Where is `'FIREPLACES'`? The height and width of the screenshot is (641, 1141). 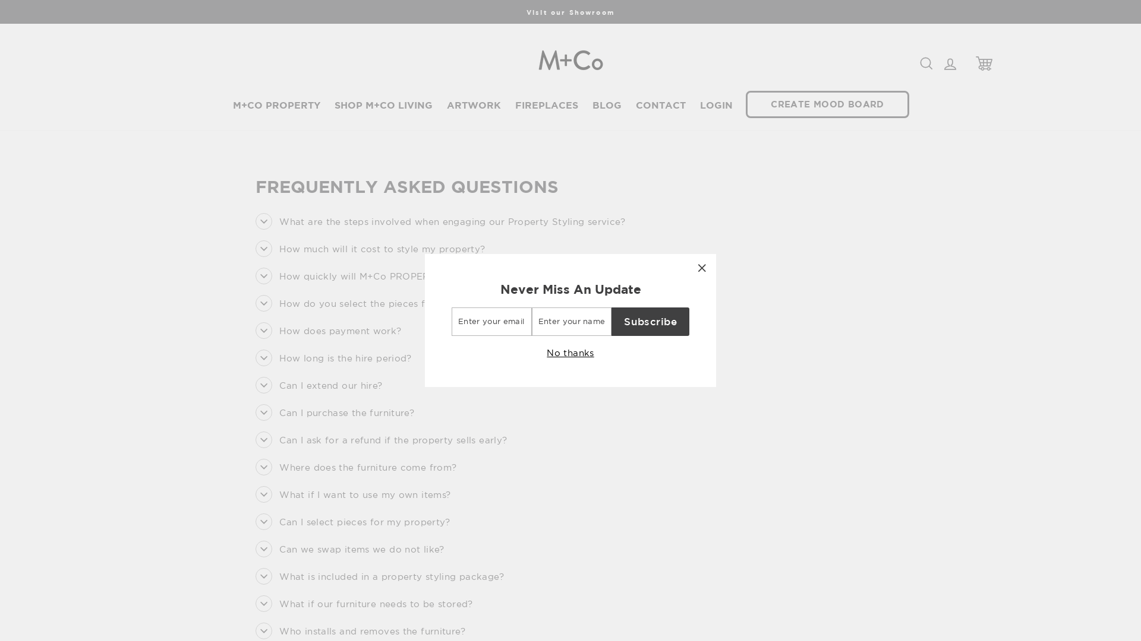
'FIREPLACES' is located at coordinates (546, 104).